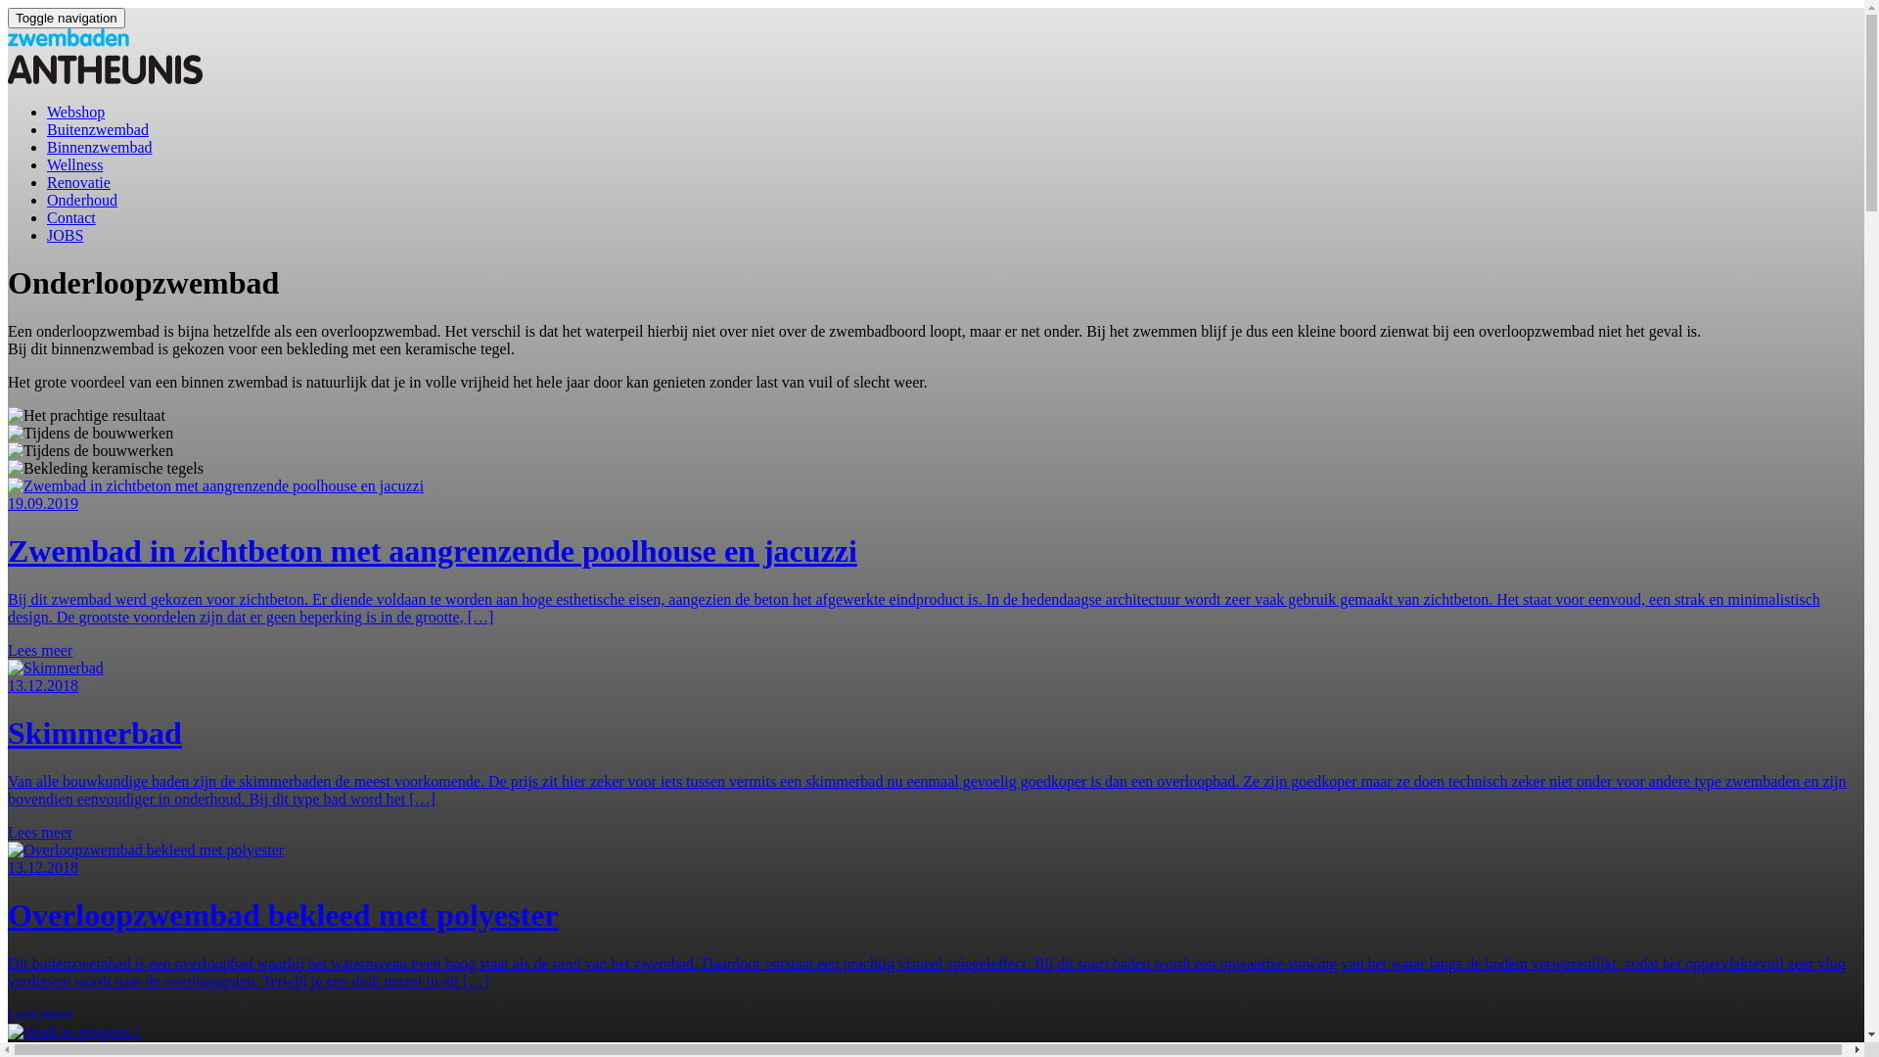 The height and width of the screenshot is (1057, 1879). I want to click on 'Toggle navigation', so click(8, 18).